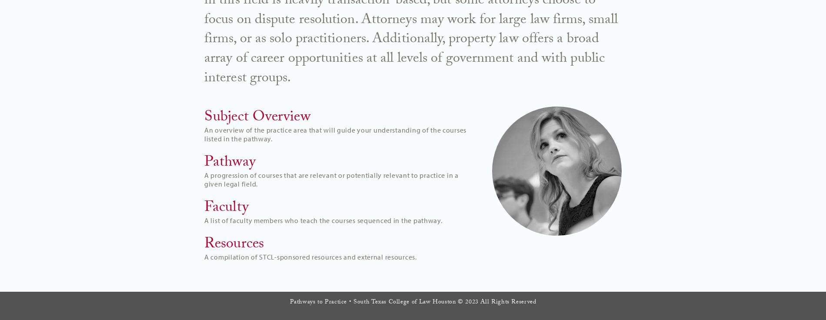 The image size is (826, 320). Describe the element at coordinates (257, 117) in the screenshot. I see `'Subject Overview'` at that location.